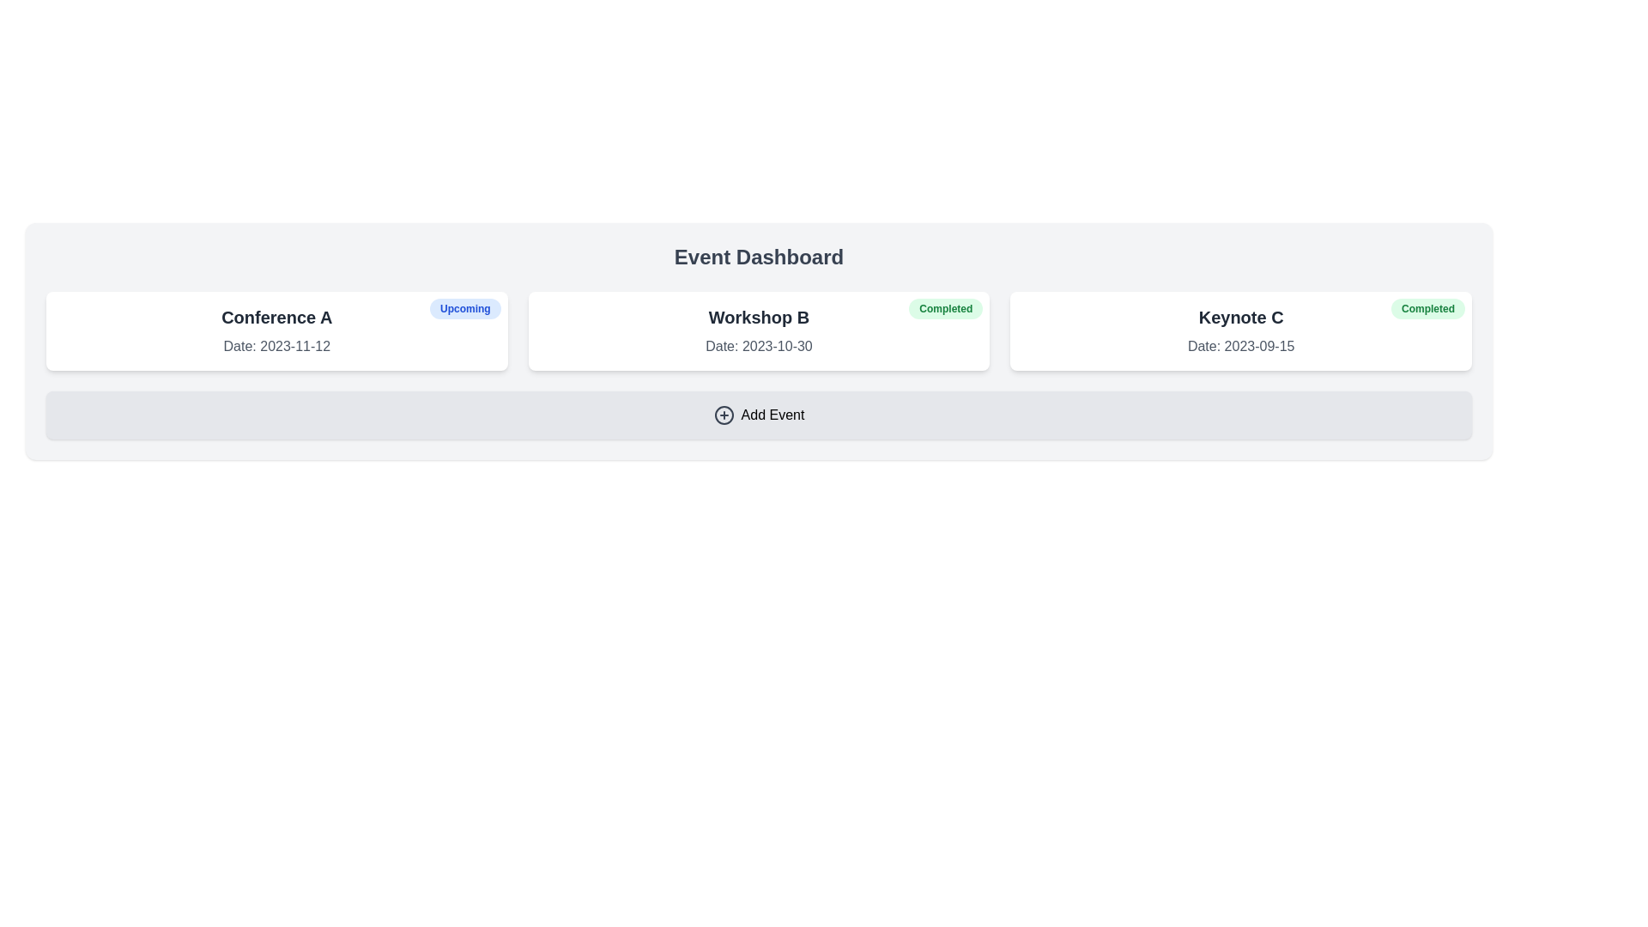  Describe the element at coordinates (945, 307) in the screenshot. I see `the small badge labeled 'Completed' with a green background located in the top-right corner of the 'Workshop B' card` at that location.